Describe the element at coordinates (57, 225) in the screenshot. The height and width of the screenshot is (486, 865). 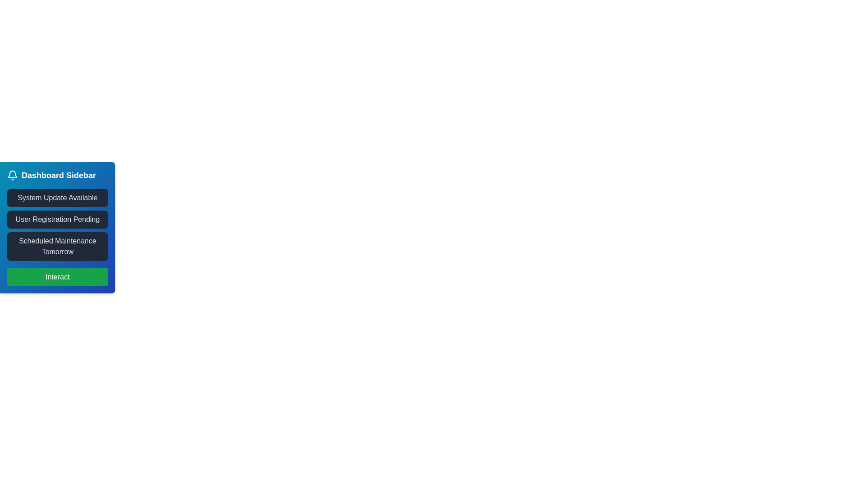
I see `the Static Text Display element titled 'User Registration Pending', which is positioned in the Dashboard Sidebar, between 'System Update Available' and 'Scheduled Maintenance Tomorrow'` at that location.